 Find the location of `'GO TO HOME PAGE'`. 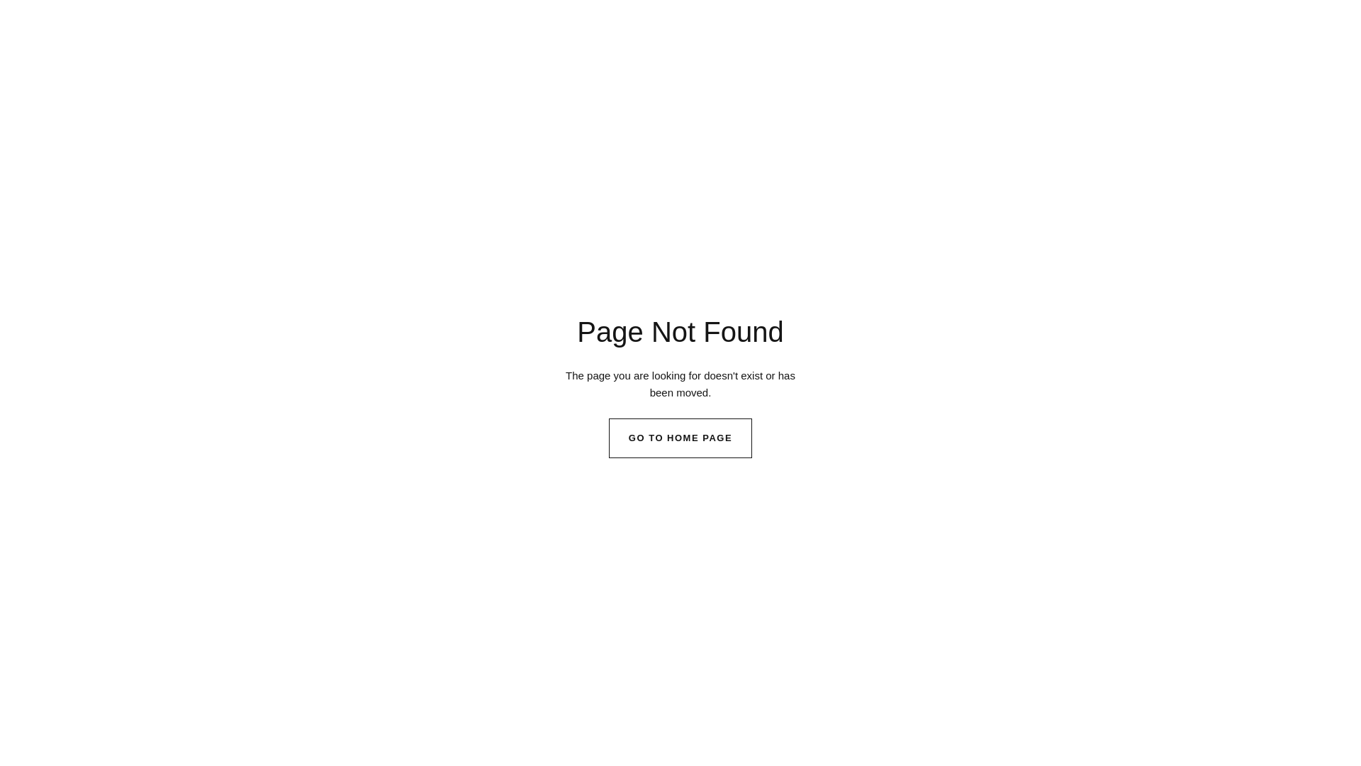

'GO TO HOME PAGE' is located at coordinates (609, 437).